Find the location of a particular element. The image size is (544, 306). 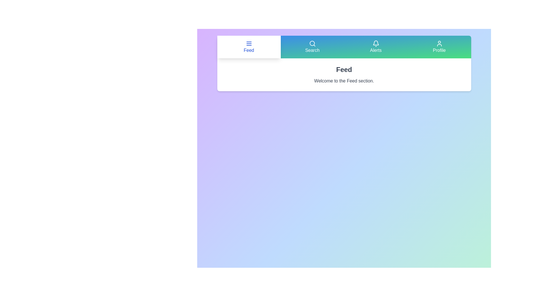

the Search tab is located at coordinates (312, 46).